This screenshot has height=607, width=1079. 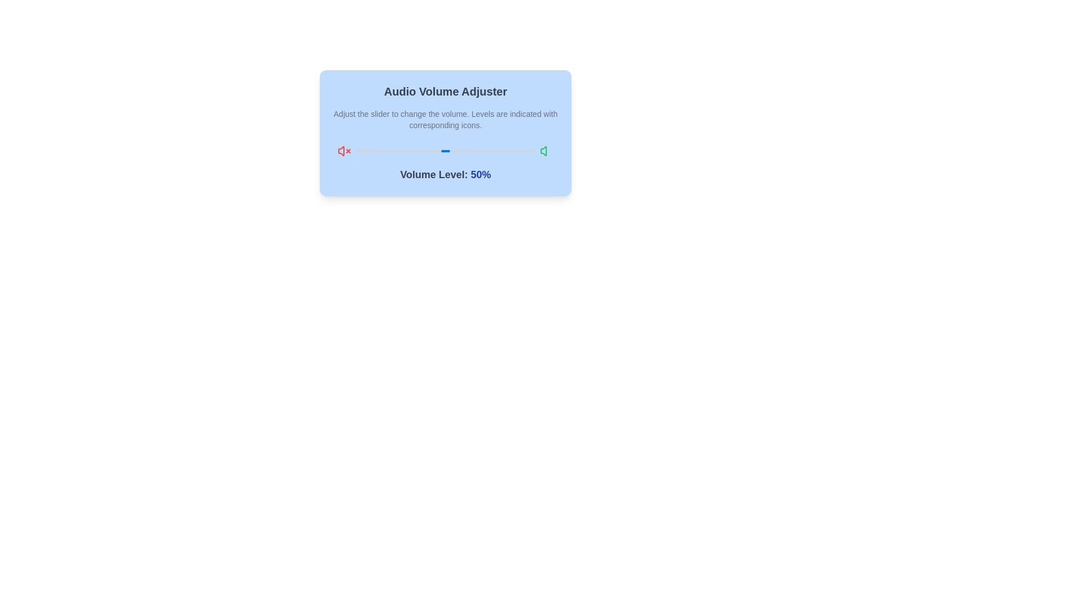 I want to click on the volume slider to set the volume to 6%, so click(x=366, y=151).